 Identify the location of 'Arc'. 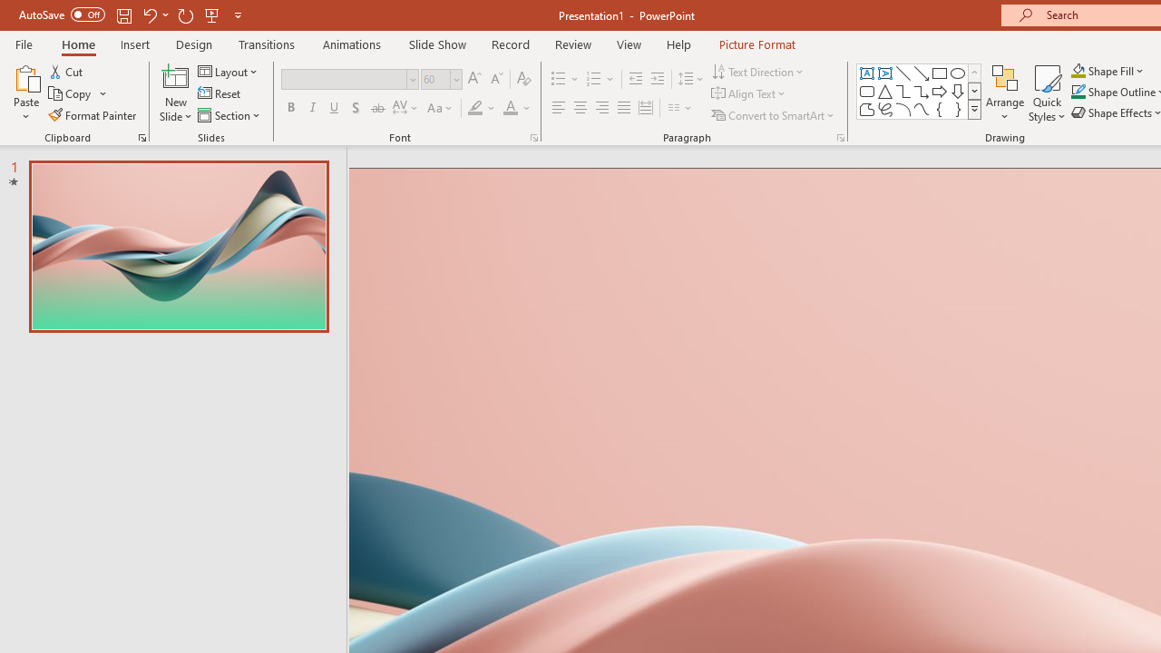
(902, 109).